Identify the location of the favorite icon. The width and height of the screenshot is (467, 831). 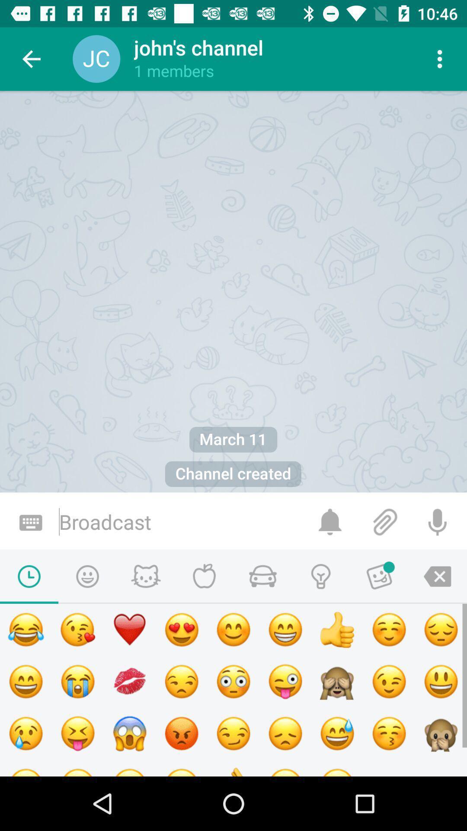
(130, 629).